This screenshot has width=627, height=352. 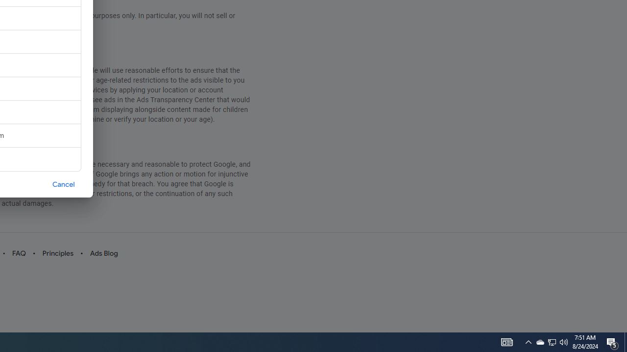 I want to click on 'Ads Blog', so click(x=103, y=253).